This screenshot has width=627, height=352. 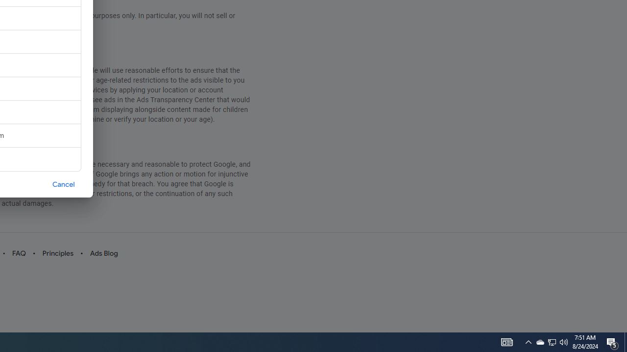 I want to click on 'Ads Blog', so click(x=103, y=253).